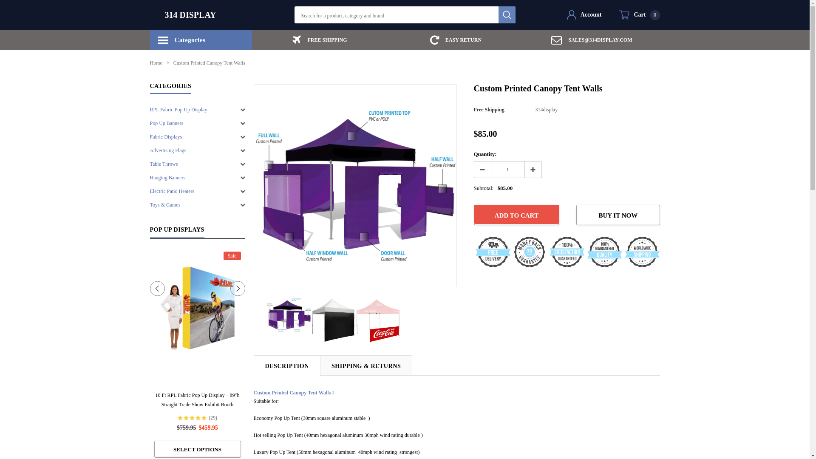  Describe the element at coordinates (165, 136) in the screenshot. I see `'Fabric Displays'` at that location.